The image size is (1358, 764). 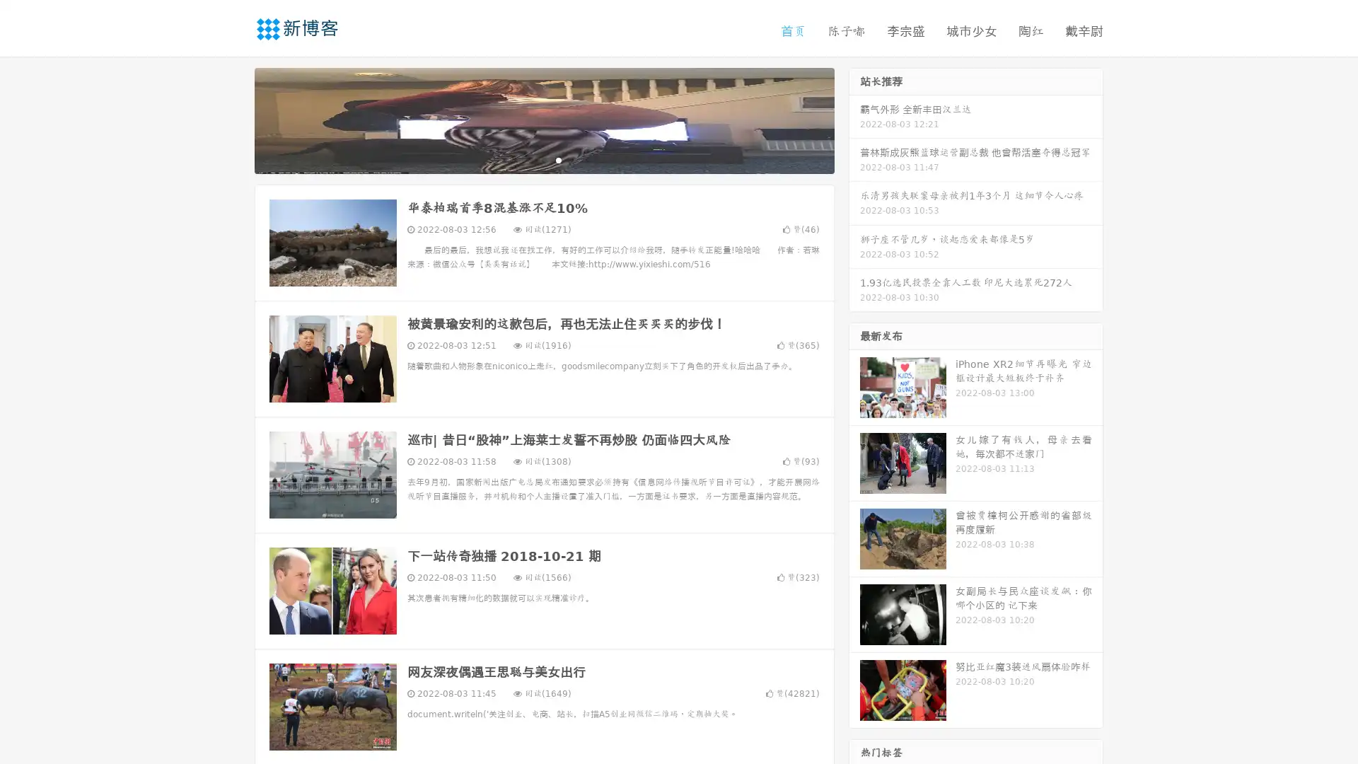 I want to click on Next slide, so click(x=854, y=119).